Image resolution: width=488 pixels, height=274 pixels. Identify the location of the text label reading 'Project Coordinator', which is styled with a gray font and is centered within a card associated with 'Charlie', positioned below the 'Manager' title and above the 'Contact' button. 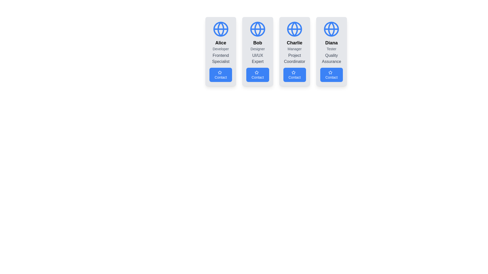
(295, 58).